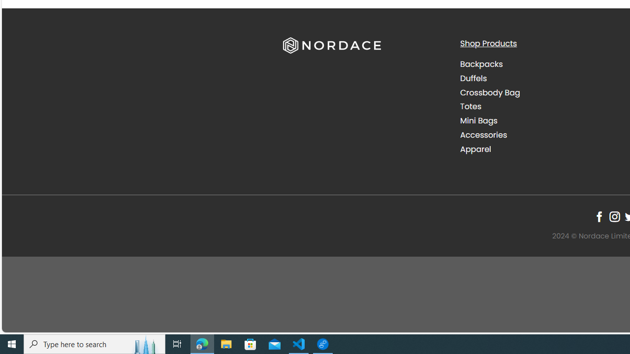 The height and width of the screenshot is (354, 630). What do you see at coordinates (490, 92) in the screenshot?
I see `'Crossbody Bag'` at bounding box center [490, 92].